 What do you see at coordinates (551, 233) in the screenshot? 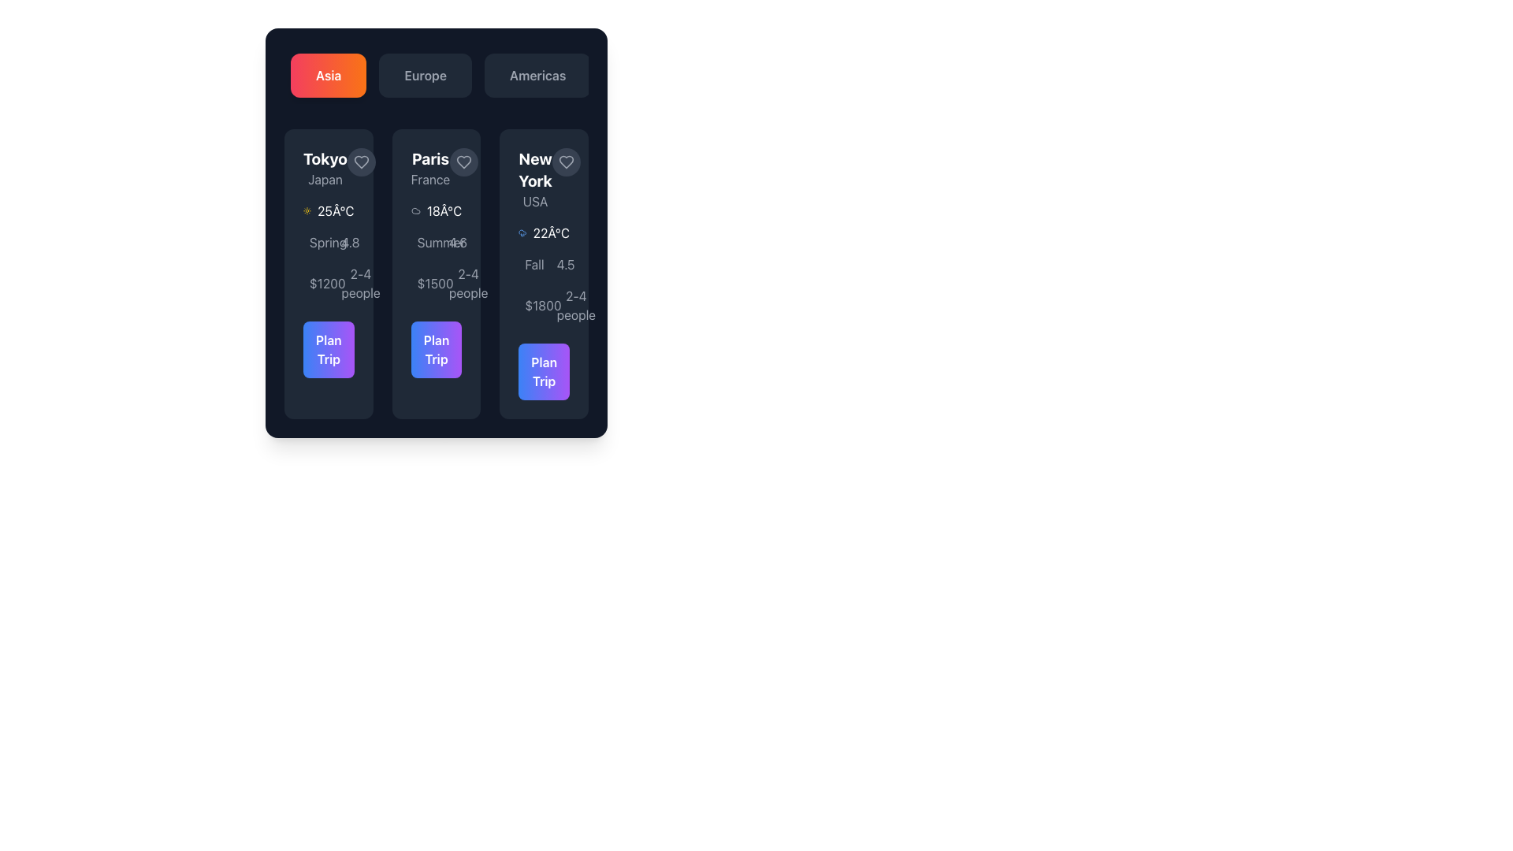
I see `the Text Label displaying '22Â°C' within the 'New York, USA' card, located in the middle column of weather cards` at bounding box center [551, 233].